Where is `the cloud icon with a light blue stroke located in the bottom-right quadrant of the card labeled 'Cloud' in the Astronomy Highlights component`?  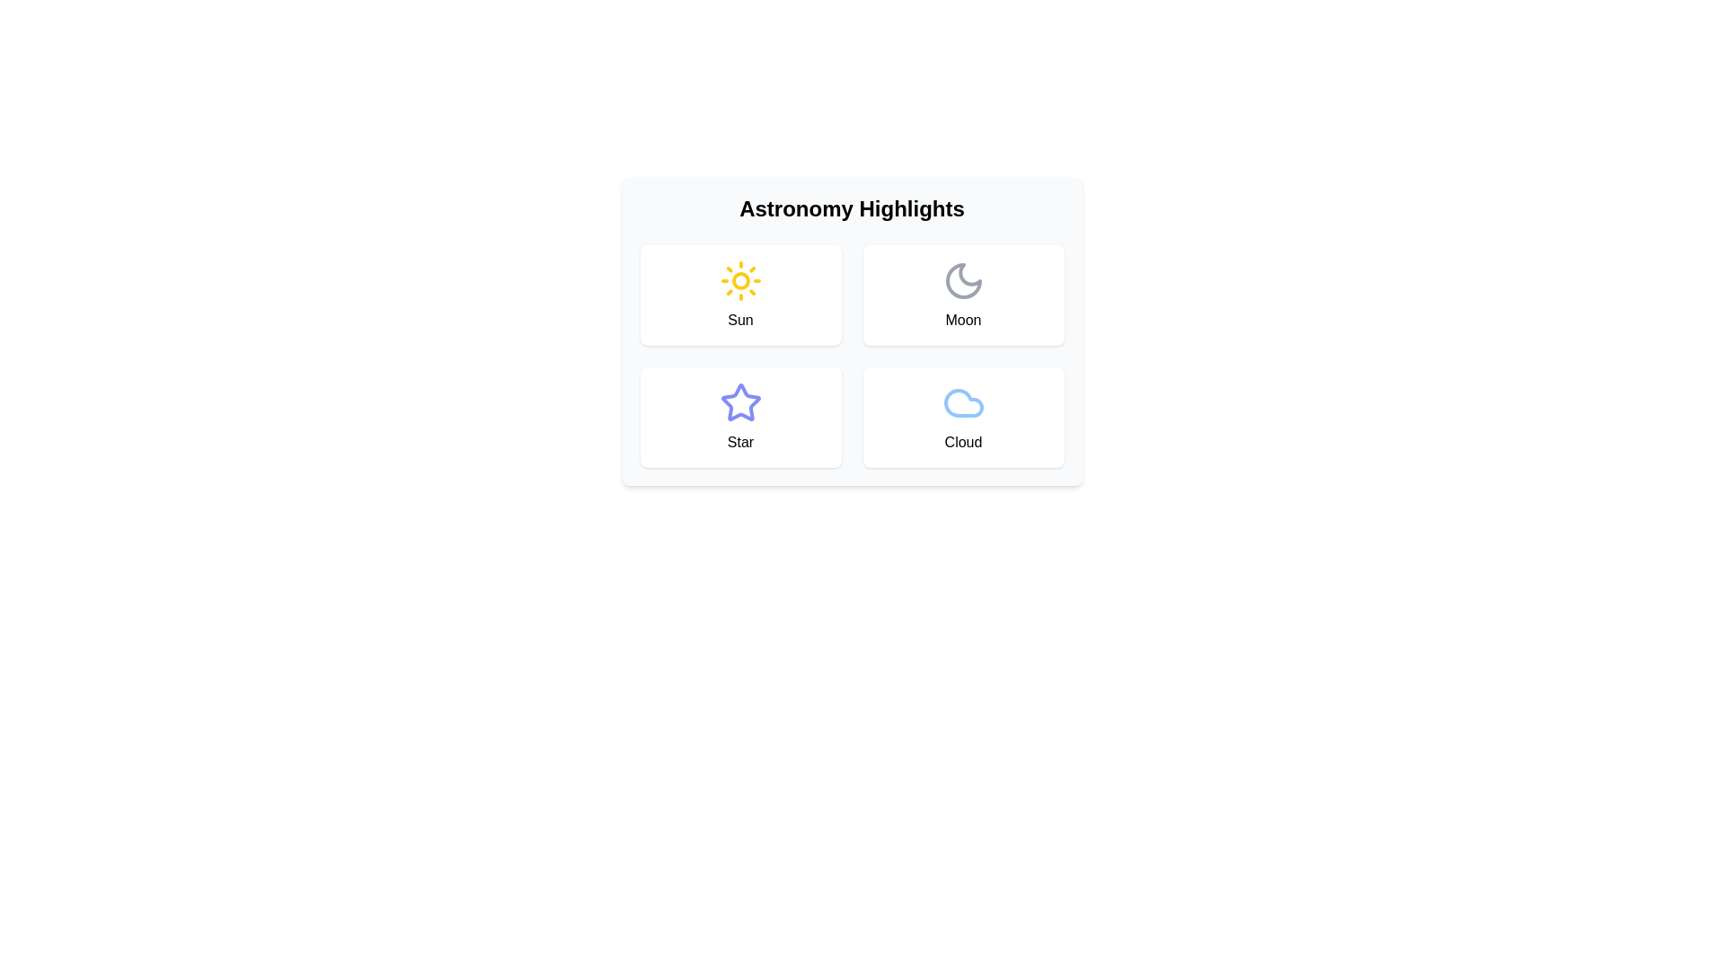
the cloud icon with a light blue stroke located in the bottom-right quadrant of the card labeled 'Cloud' in the Astronomy Highlights component is located at coordinates (962, 401).